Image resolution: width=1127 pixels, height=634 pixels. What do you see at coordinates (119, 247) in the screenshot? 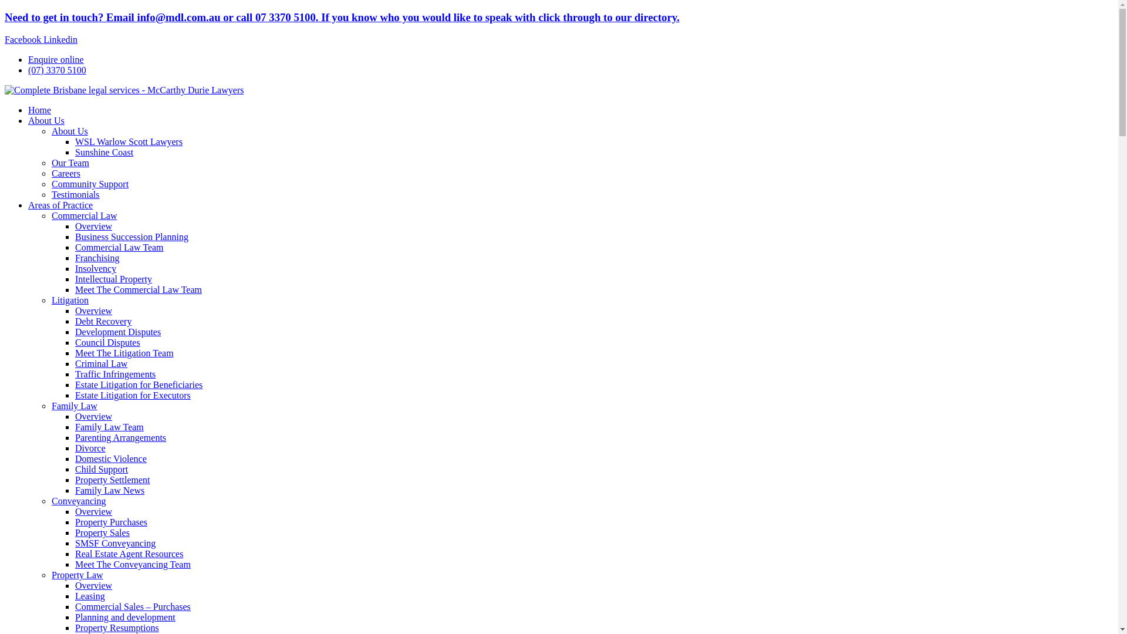
I see `'Commercial Law Team'` at bounding box center [119, 247].